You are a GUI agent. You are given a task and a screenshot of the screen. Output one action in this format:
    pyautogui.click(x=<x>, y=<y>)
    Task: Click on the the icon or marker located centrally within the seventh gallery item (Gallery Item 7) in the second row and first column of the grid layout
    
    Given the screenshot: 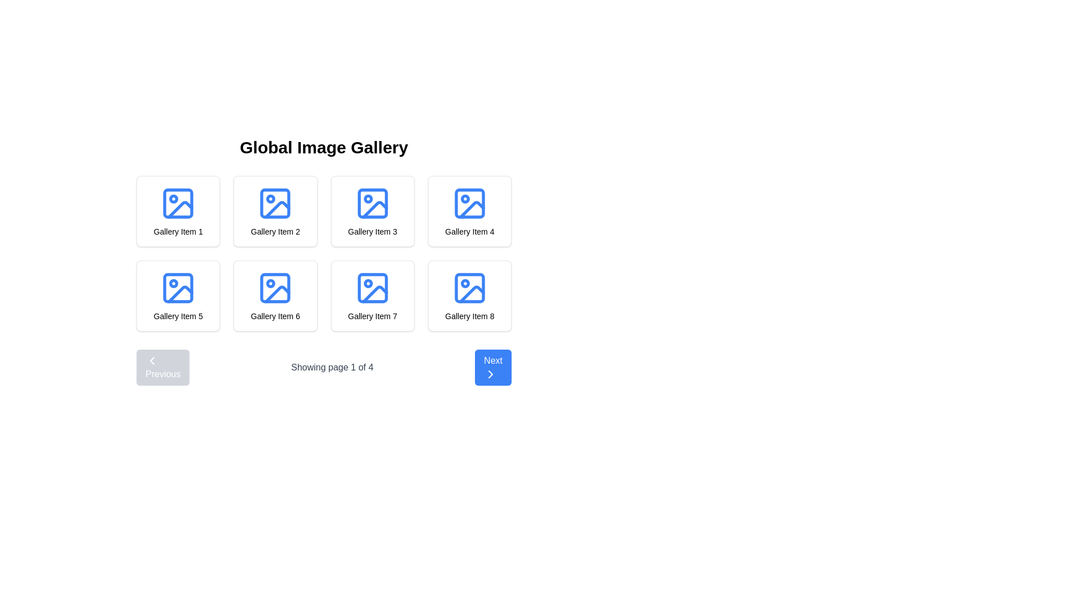 What is the action you would take?
    pyautogui.click(x=368, y=283)
    